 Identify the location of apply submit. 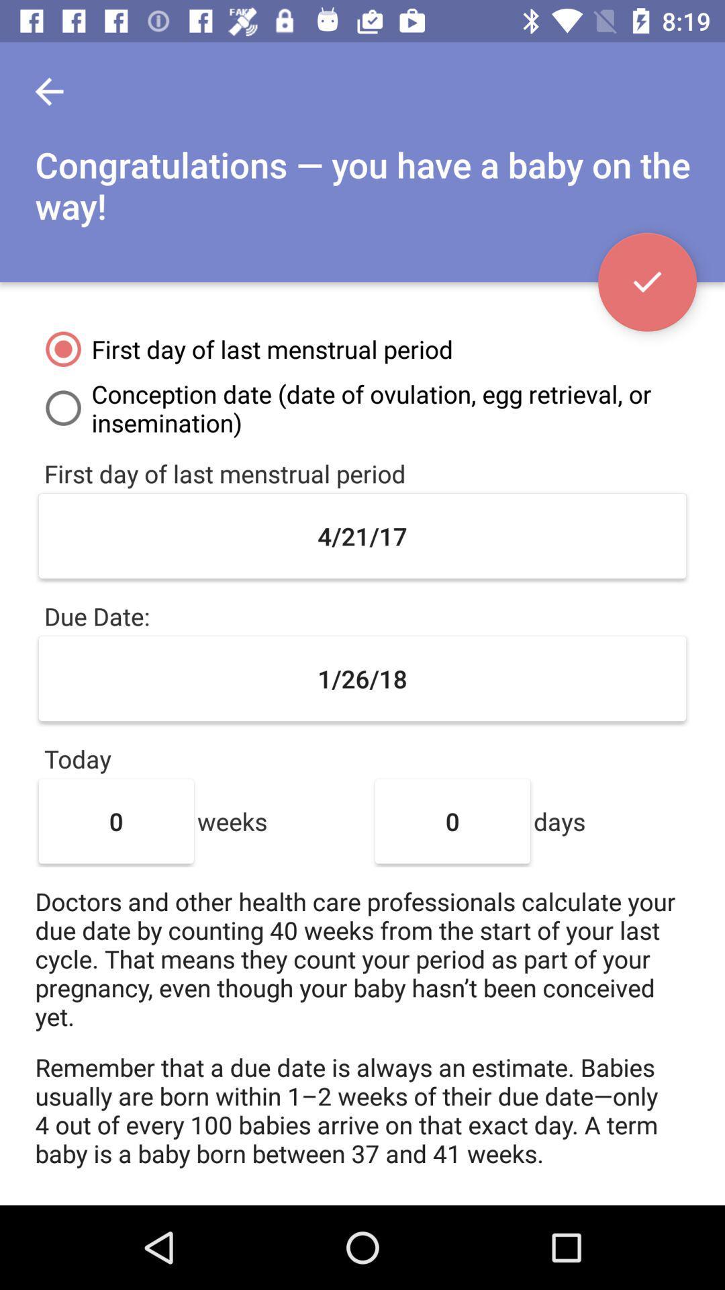
(646, 282).